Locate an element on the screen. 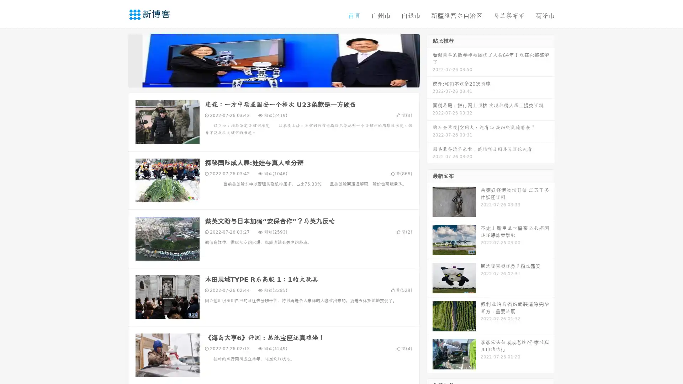 The height and width of the screenshot is (384, 683). Go to slide 1 is located at coordinates (266, 80).